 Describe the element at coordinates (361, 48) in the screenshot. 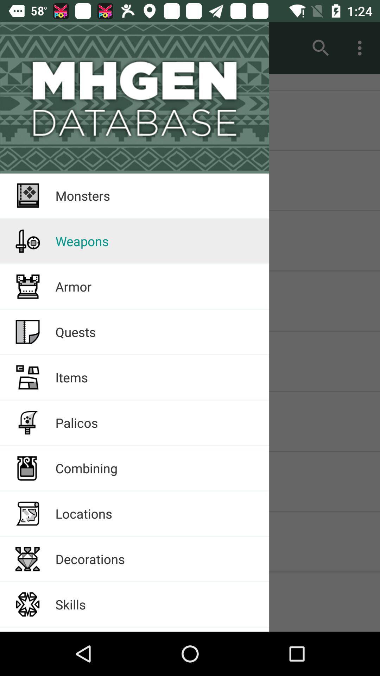

I see `the icon which  is at top right` at that location.